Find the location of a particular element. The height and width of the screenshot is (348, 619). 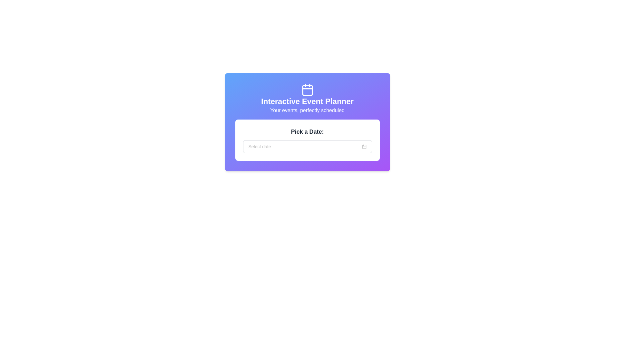

the static text label 'Pick a Date:' which is styled in gray, bold font and positioned above the date picker input field is located at coordinates (307, 131).